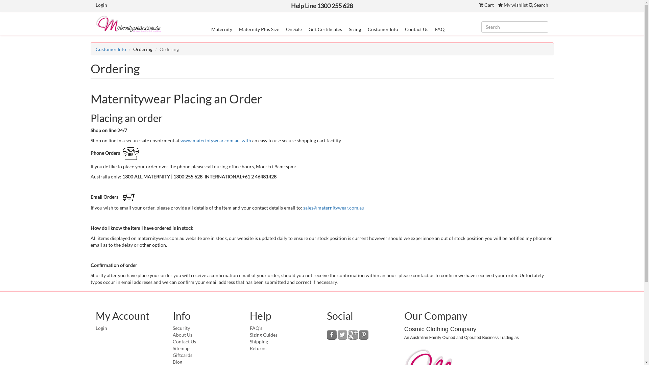 Image resolution: width=649 pixels, height=365 pixels. I want to click on 'Apply', so click(0, 5).